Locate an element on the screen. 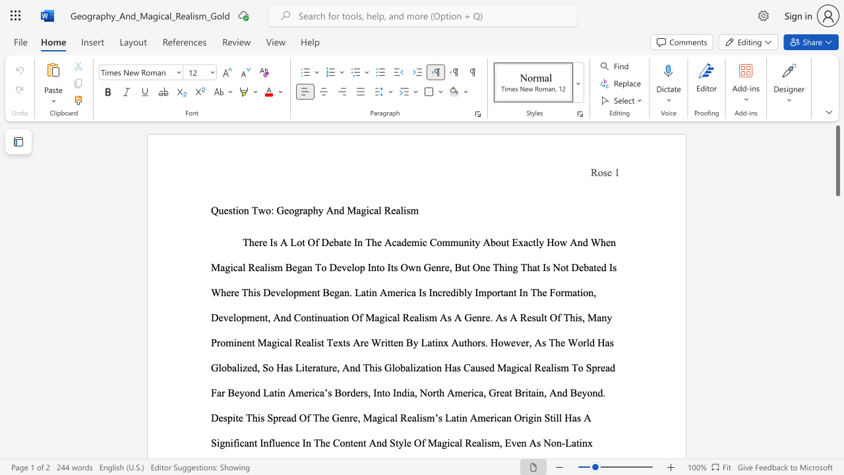 The height and width of the screenshot is (475, 844). the scrollbar to slide the page down is located at coordinates (837, 369).